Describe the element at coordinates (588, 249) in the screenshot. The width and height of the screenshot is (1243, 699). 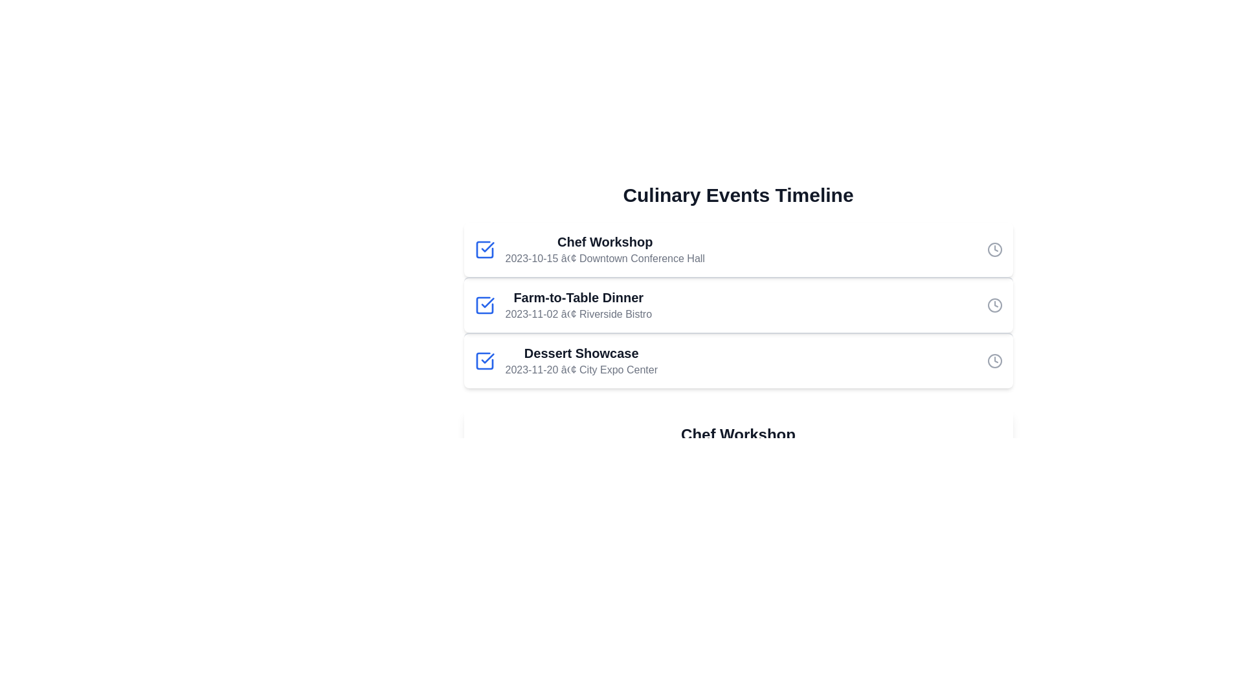
I see `the first list item in the 'Culinary Events Timeline' section` at that location.